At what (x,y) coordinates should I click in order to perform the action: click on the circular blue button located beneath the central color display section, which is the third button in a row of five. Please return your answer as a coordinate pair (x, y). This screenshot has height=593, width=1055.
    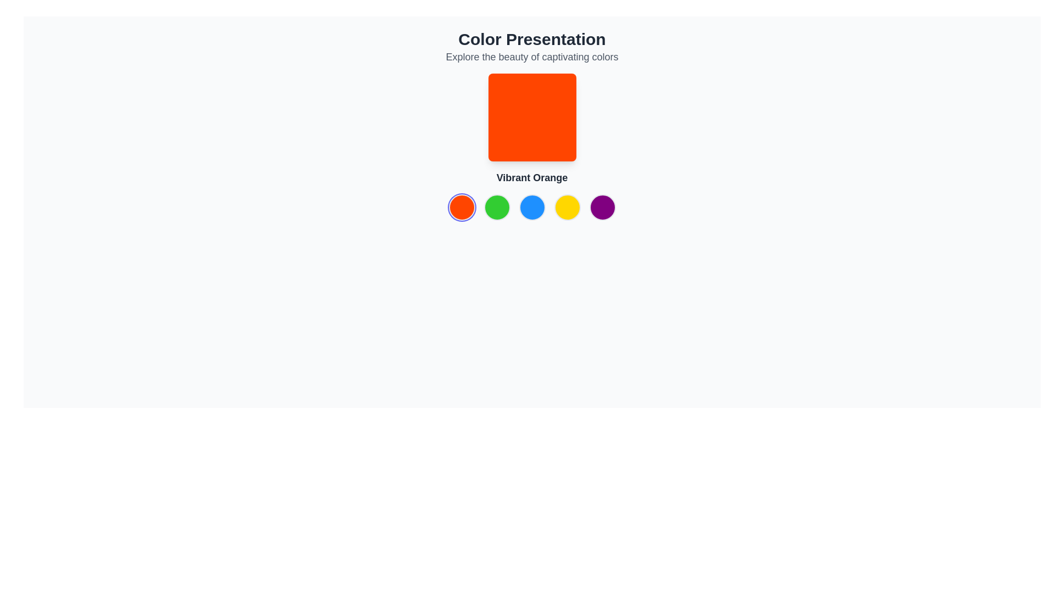
    Looking at the image, I should click on (532, 208).